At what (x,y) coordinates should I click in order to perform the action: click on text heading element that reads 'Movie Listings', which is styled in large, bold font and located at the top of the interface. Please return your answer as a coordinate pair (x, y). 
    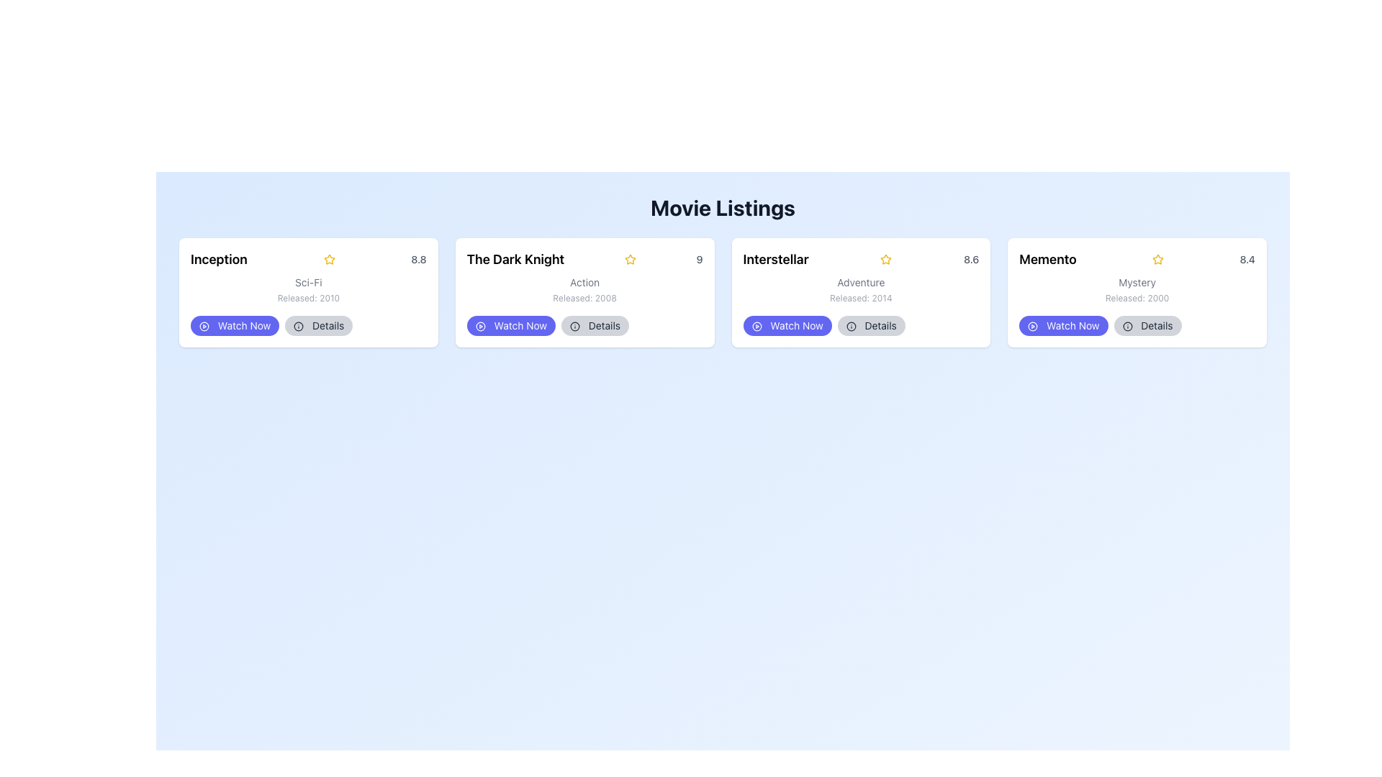
    Looking at the image, I should click on (723, 208).